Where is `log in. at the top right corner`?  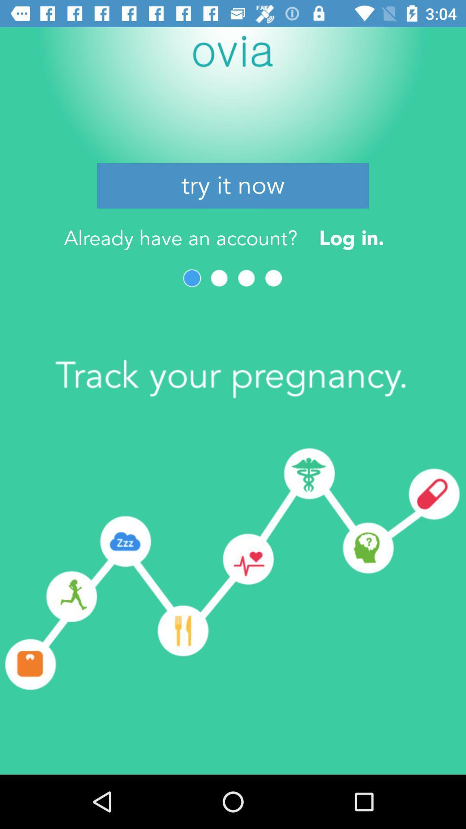
log in. at the top right corner is located at coordinates (352, 238).